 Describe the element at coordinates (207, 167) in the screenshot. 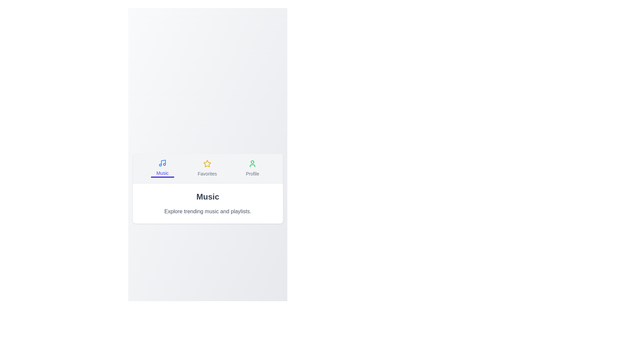

I see `the Favorites tab by clicking its button` at that location.